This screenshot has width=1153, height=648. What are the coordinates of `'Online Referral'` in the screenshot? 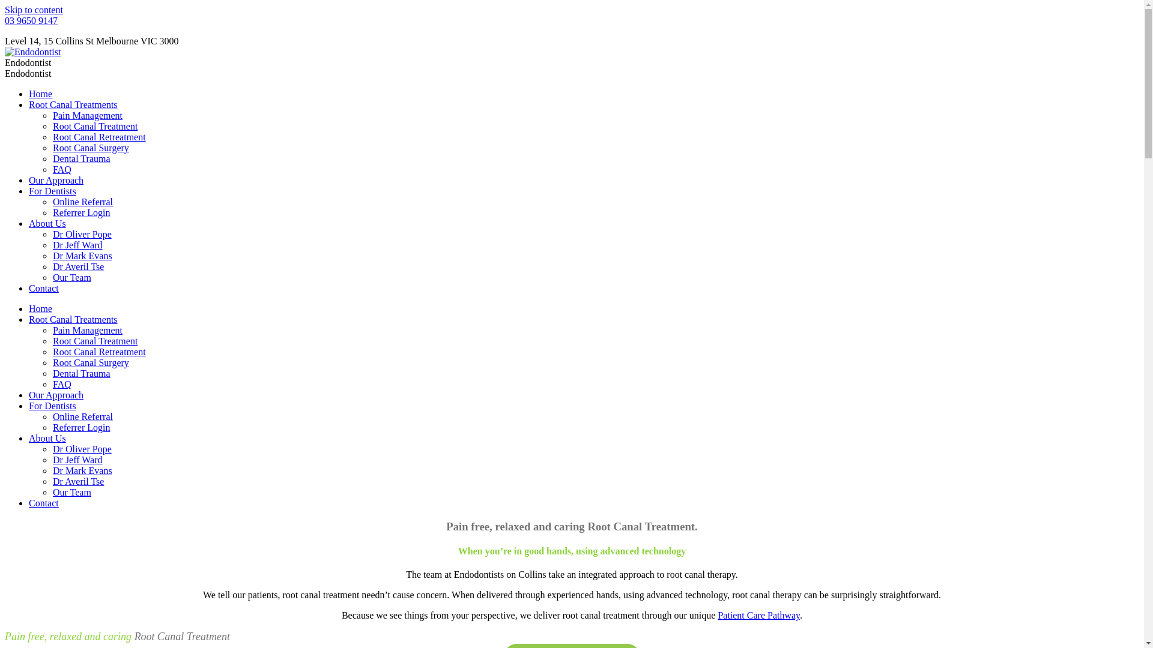 It's located at (82, 416).